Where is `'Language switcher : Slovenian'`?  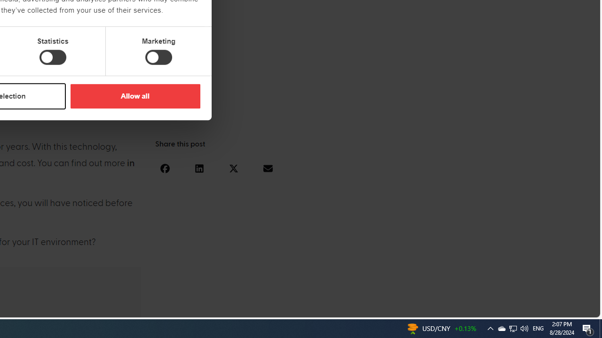
'Language switcher : Slovenian' is located at coordinates (501, 308).